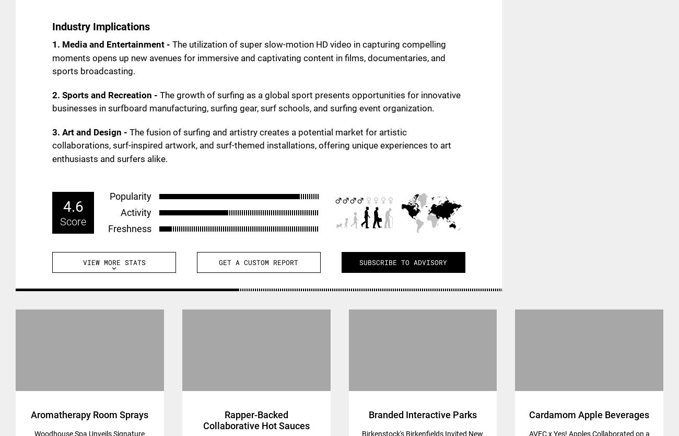 The height and width of the screenshot is (436, 679). What do you see at coordinates (113, 261) in the screenshot?
I see `'VIEW MORE STATS'` at bounding box center [113, 261].